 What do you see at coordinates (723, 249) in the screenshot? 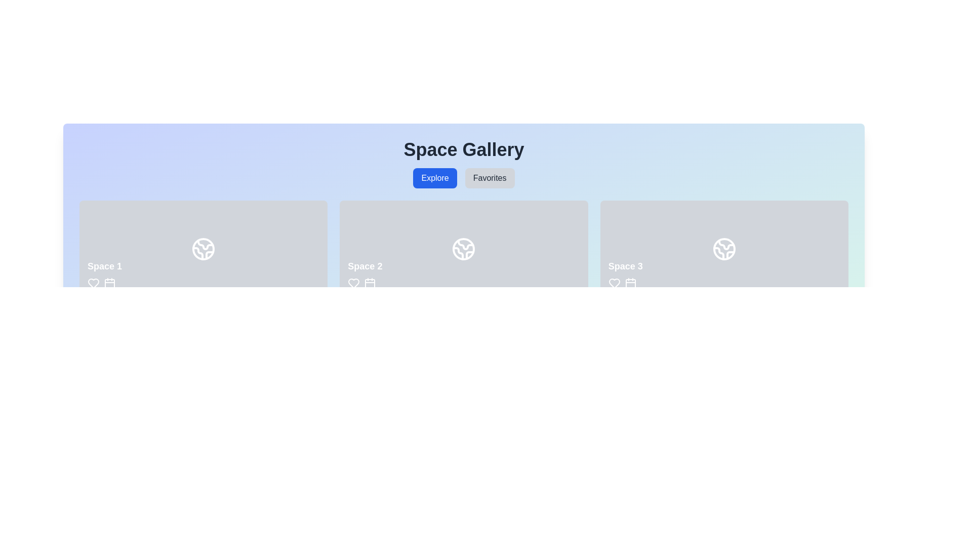
I see `the card labeled 'Space 3', which is the third card in a horizontal grid layout` at bounding box center [723, 249].